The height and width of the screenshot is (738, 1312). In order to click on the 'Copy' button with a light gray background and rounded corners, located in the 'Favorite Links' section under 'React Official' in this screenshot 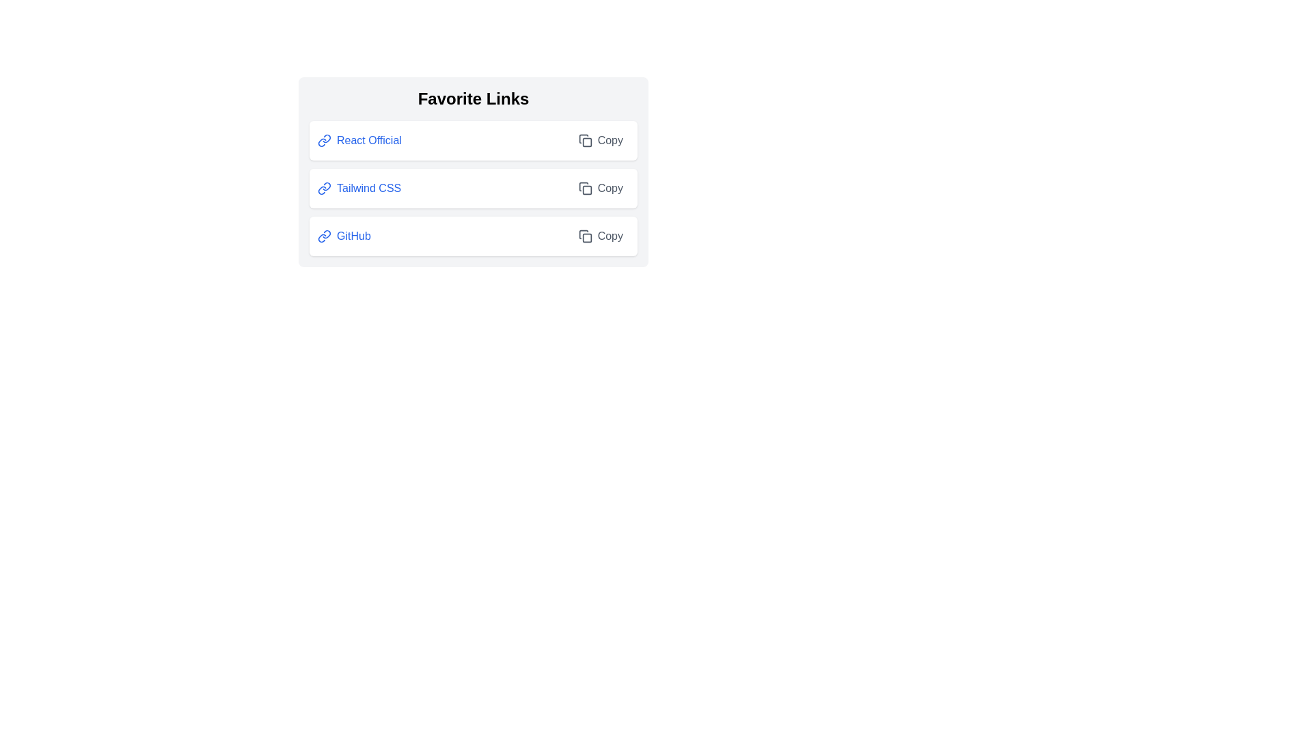, I will do `click(601, 140)`.